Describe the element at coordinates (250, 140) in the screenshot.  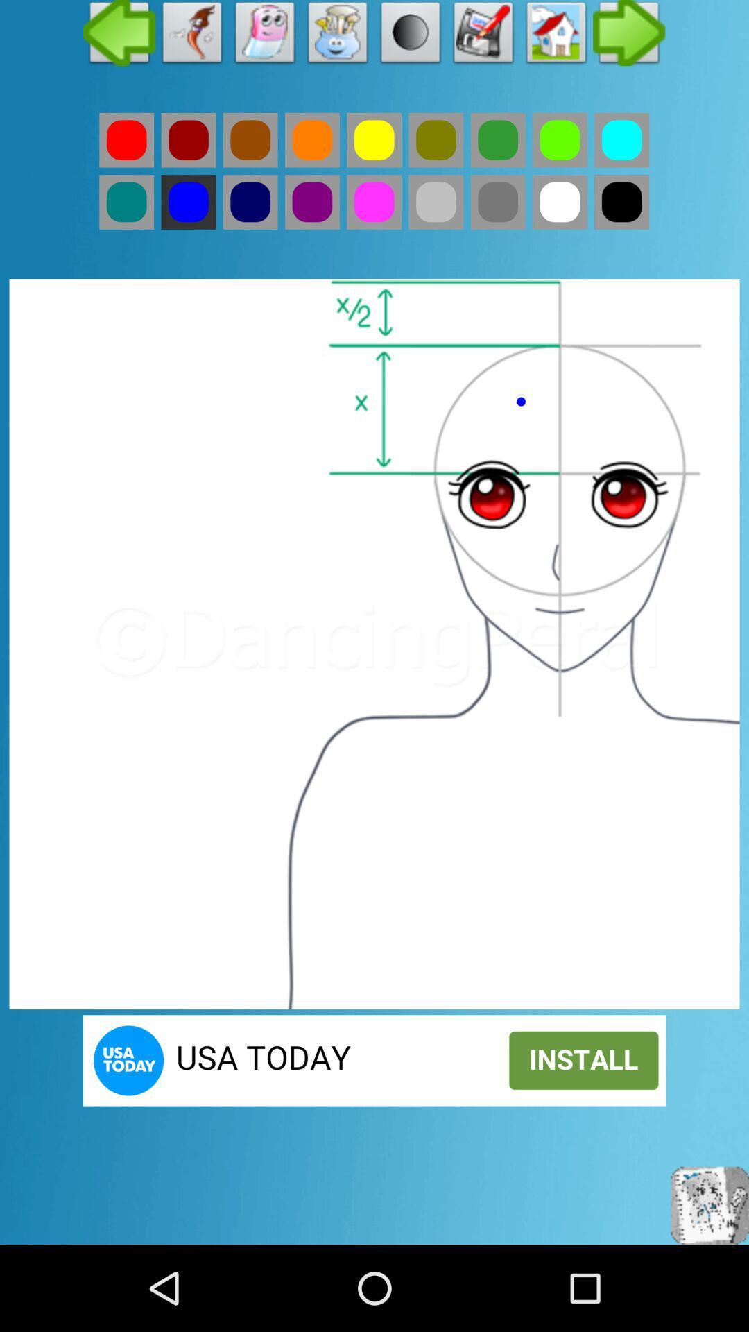
I see `color option` at that location.